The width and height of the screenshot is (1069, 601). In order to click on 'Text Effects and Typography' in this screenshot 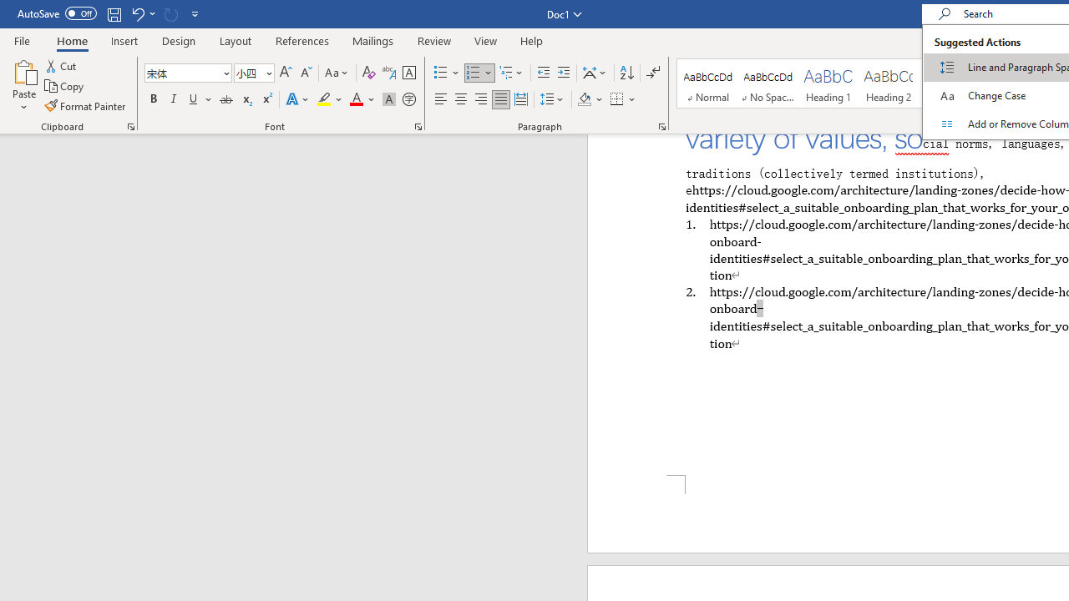, I will do `click(298, 99)`.